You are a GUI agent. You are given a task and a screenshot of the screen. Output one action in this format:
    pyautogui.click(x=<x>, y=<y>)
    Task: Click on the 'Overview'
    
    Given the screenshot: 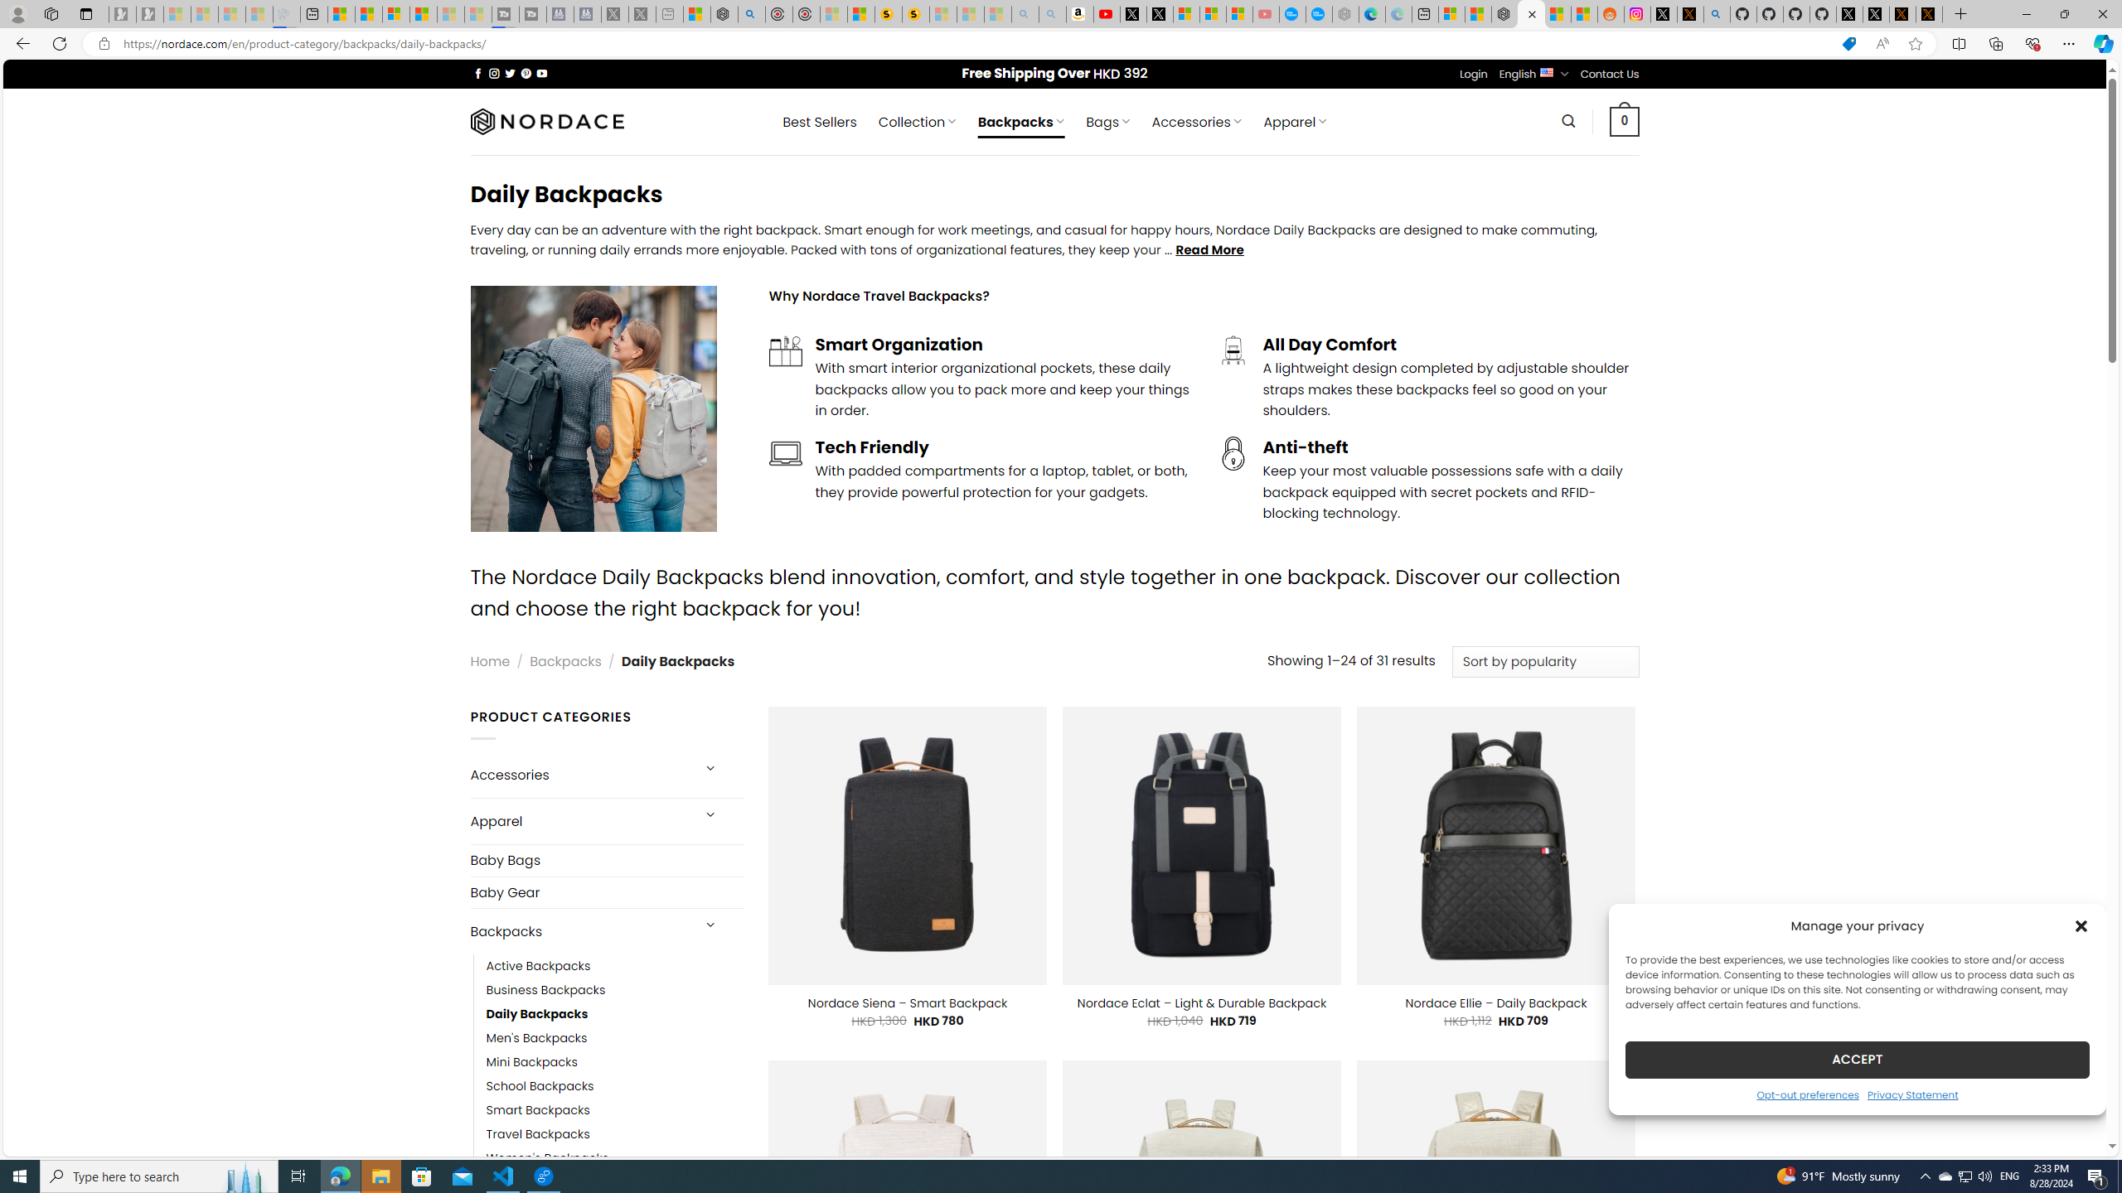 What is the action you would take?
    pyautogui.click(x=395, y=13)
    